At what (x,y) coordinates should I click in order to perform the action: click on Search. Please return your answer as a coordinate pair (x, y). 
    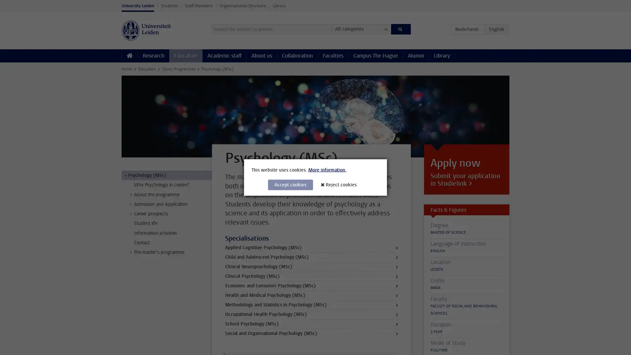
    Looking at the image, I should click on (400, 29).